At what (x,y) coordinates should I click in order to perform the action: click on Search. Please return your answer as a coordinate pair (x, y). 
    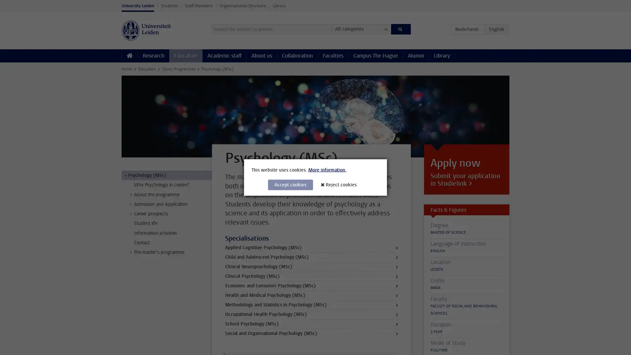
    Looking at the image, I should click on (400, 29).